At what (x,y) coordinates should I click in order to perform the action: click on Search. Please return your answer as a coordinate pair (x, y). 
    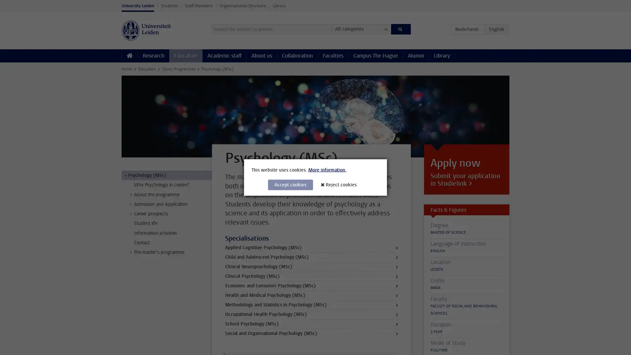
    Looking at the image, I should click on (400, 29).